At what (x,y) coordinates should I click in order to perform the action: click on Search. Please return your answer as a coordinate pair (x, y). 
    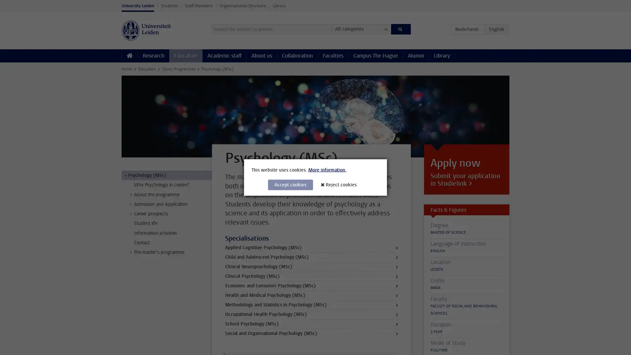
    Looking at the image, I should click on (400, 29).